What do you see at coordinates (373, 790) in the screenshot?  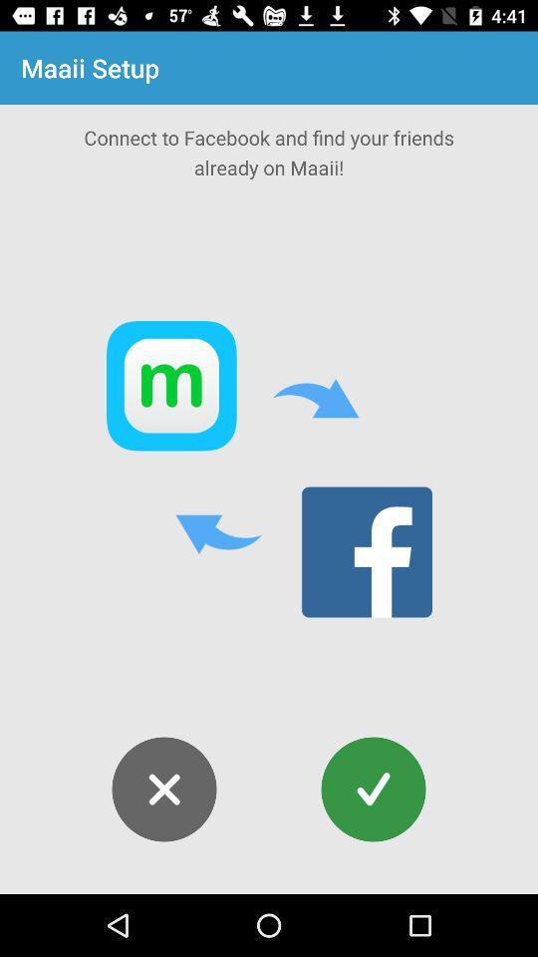 I see `choose accept` at bounding box center [373, 790].